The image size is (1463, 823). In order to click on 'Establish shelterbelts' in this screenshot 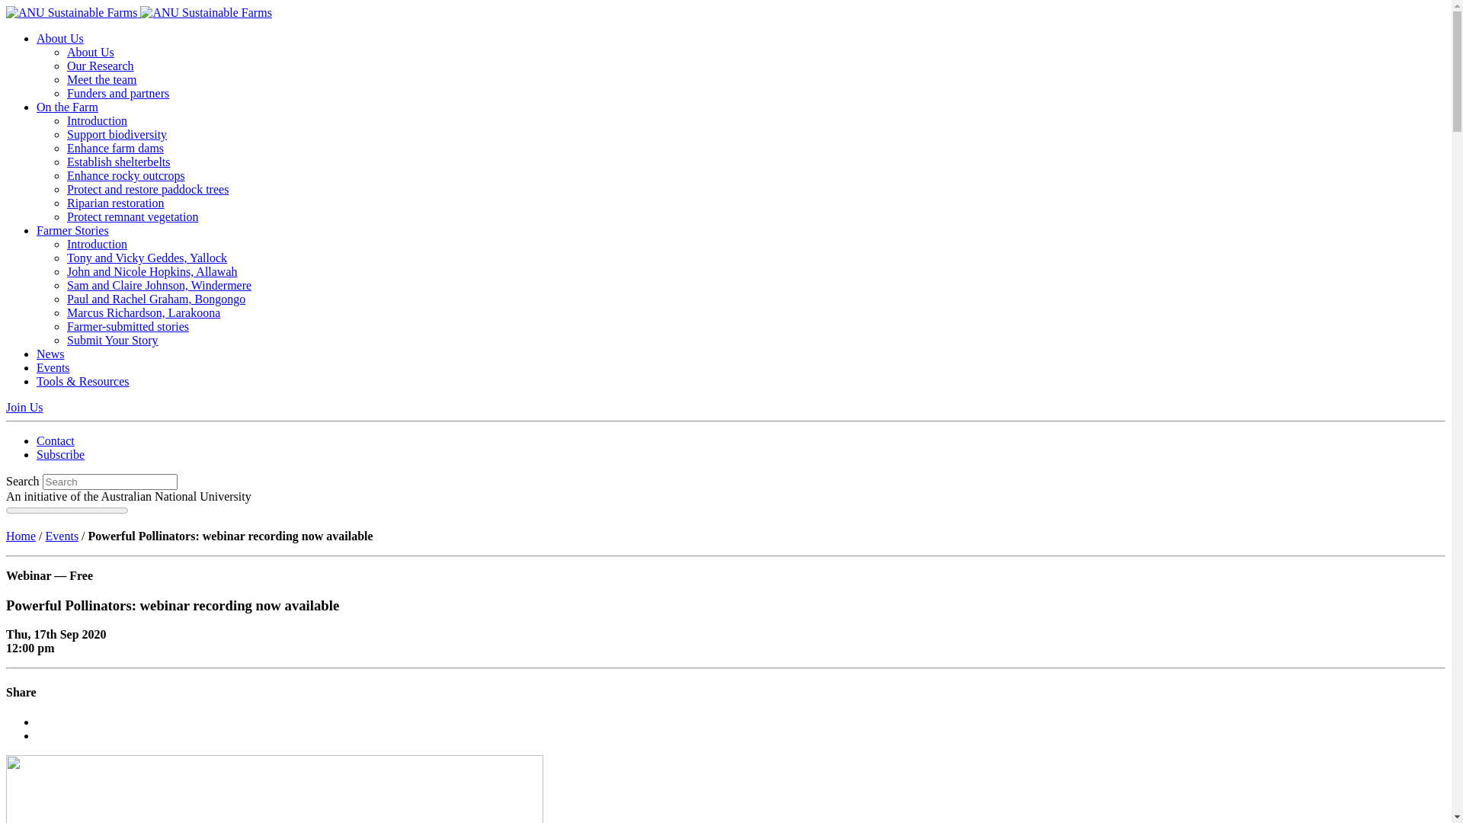, I will do `click(66, 162)`.